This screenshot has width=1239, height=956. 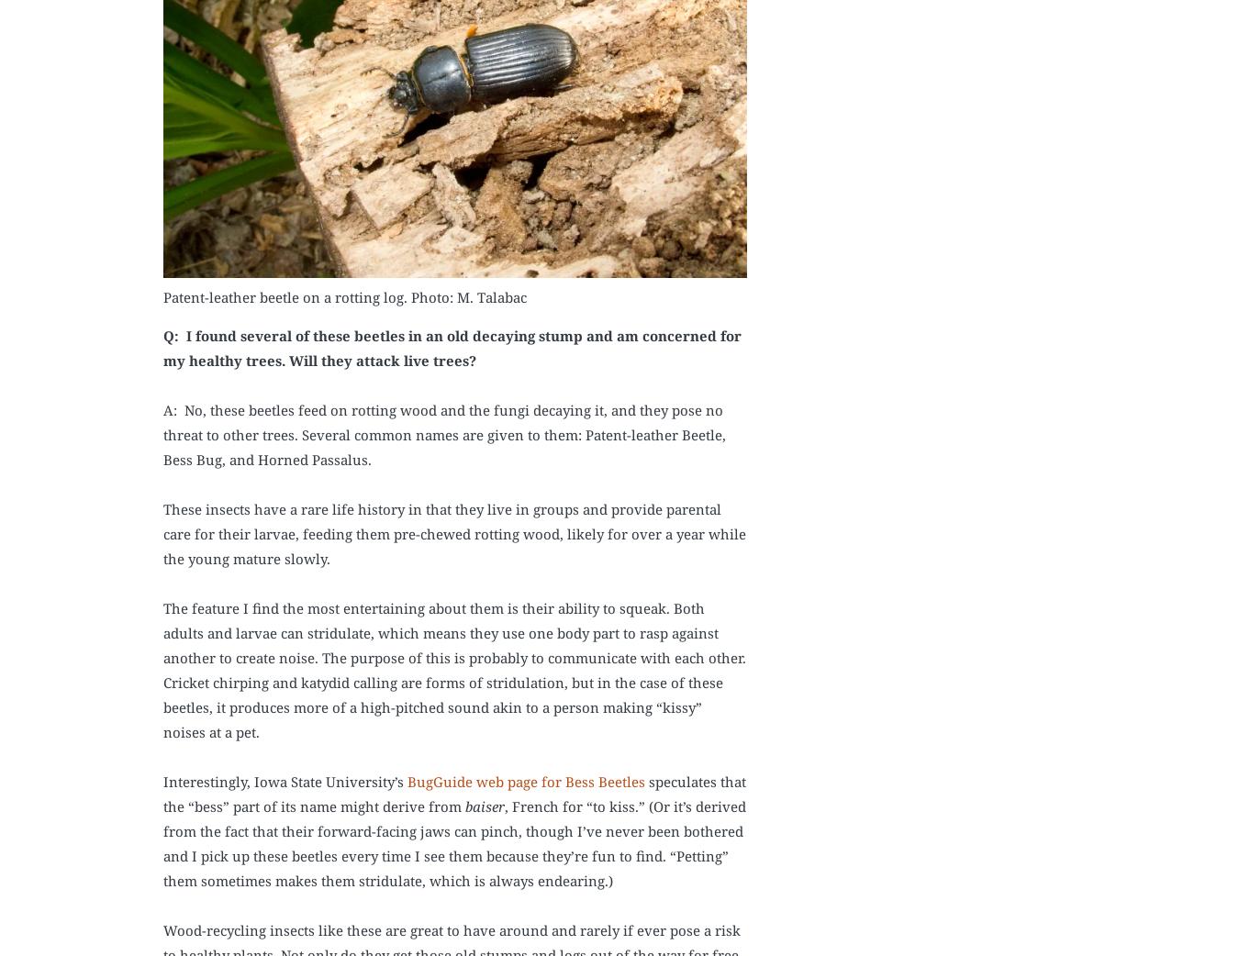 What do you see at coordinates (344, 296) in the screenshot?
I see `'Patent-leather beetle on a rotting log. Photo: M. Talabac'` at bounding box center [344, 296].